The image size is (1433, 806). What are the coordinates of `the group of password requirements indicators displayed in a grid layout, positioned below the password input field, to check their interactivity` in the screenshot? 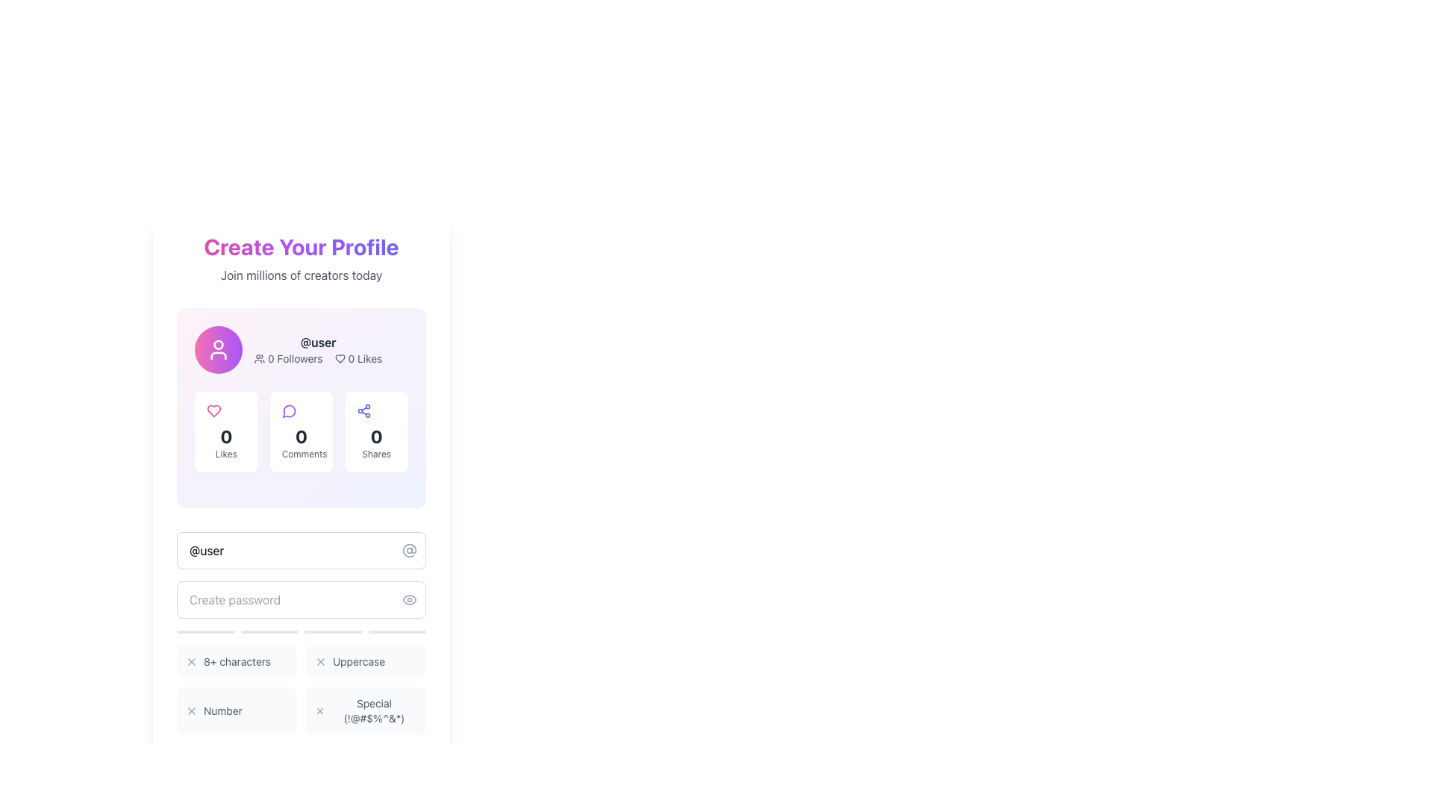 It's located at (300, 633).